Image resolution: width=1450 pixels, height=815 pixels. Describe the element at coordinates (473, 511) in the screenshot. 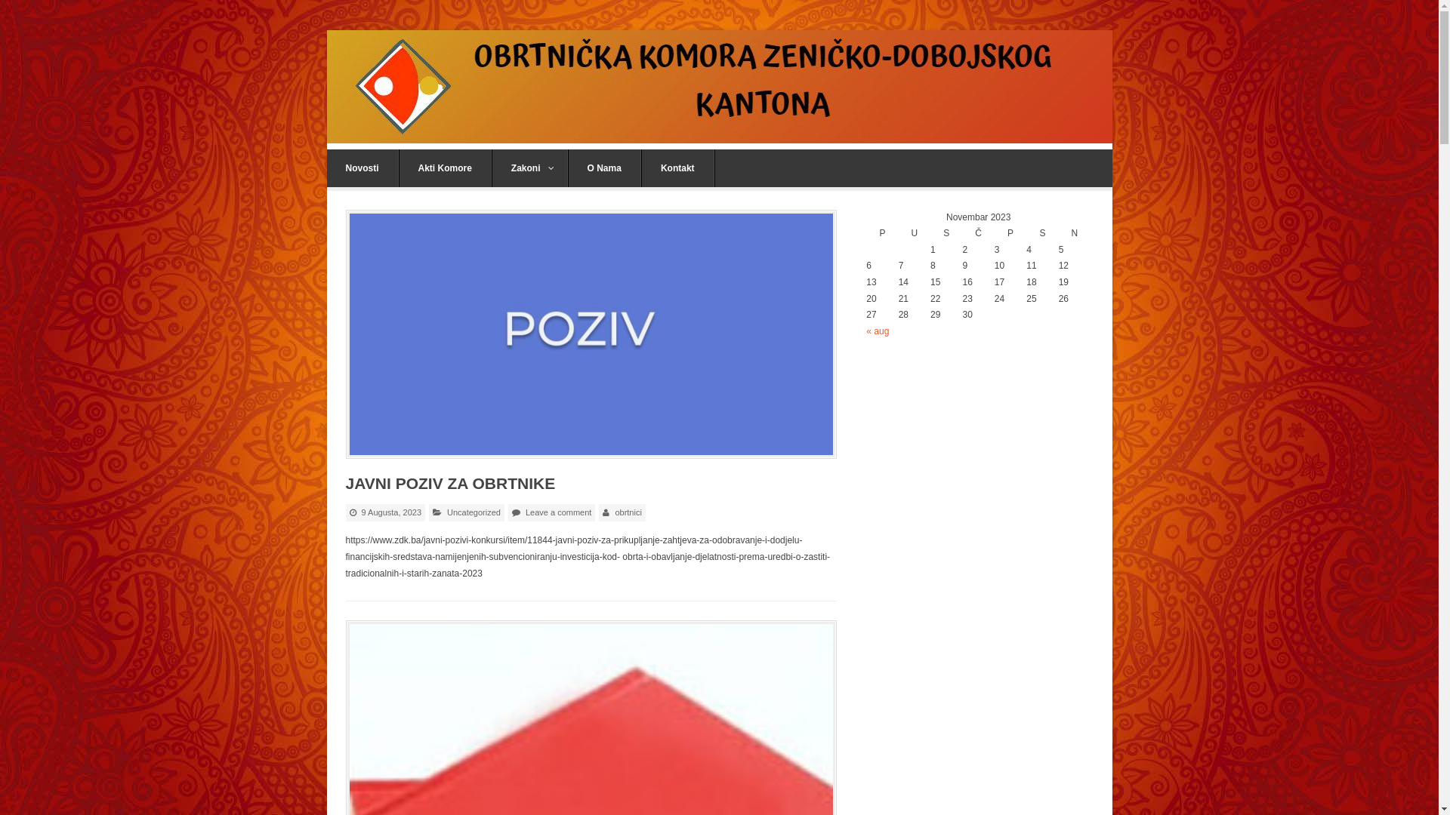

I see `'Uncategorized'` at that location.